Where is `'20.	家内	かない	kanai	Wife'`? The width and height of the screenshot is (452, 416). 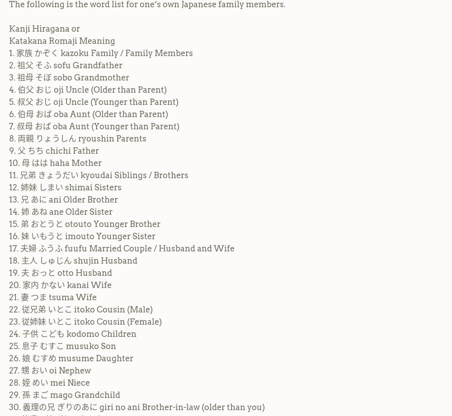 '20.	家内	かない	kanai	Wife' is located at coordinates (60, 284).